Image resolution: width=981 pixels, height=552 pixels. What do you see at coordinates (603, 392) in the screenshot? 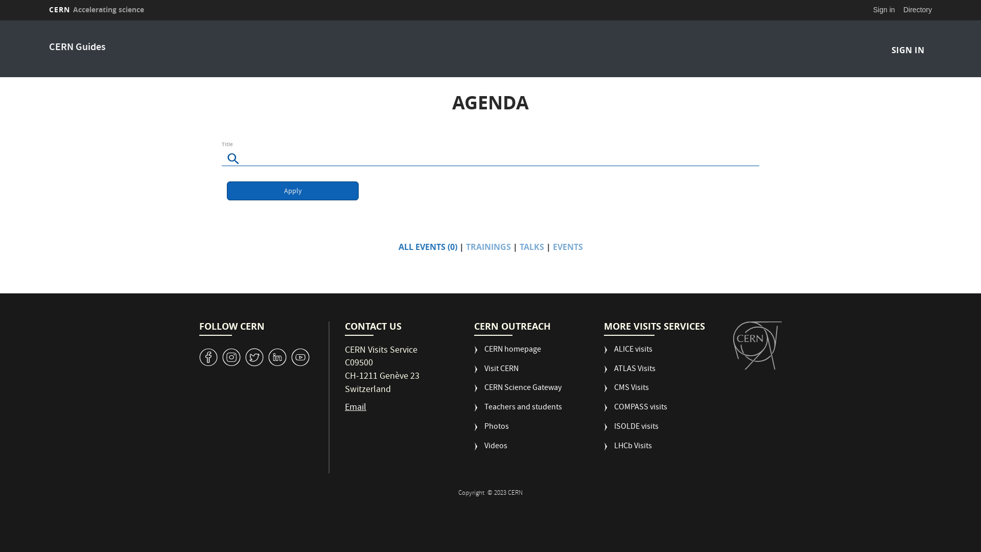
I see `'CMS Visits'` at bounding box center [603, 392].